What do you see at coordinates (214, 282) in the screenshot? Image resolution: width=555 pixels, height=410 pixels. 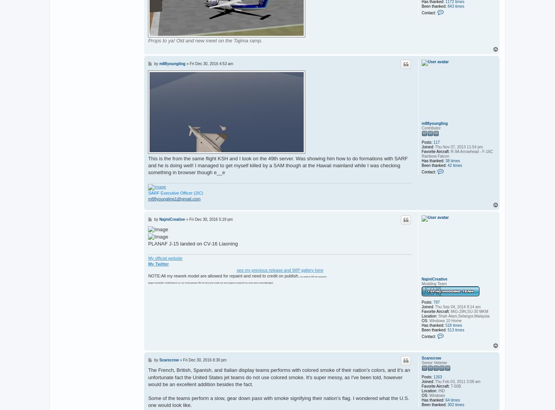 I see `'for modifications on my mods,please PM me first,and credit me and original creator(if my work were rework)'` at bounding box center [214, 282].